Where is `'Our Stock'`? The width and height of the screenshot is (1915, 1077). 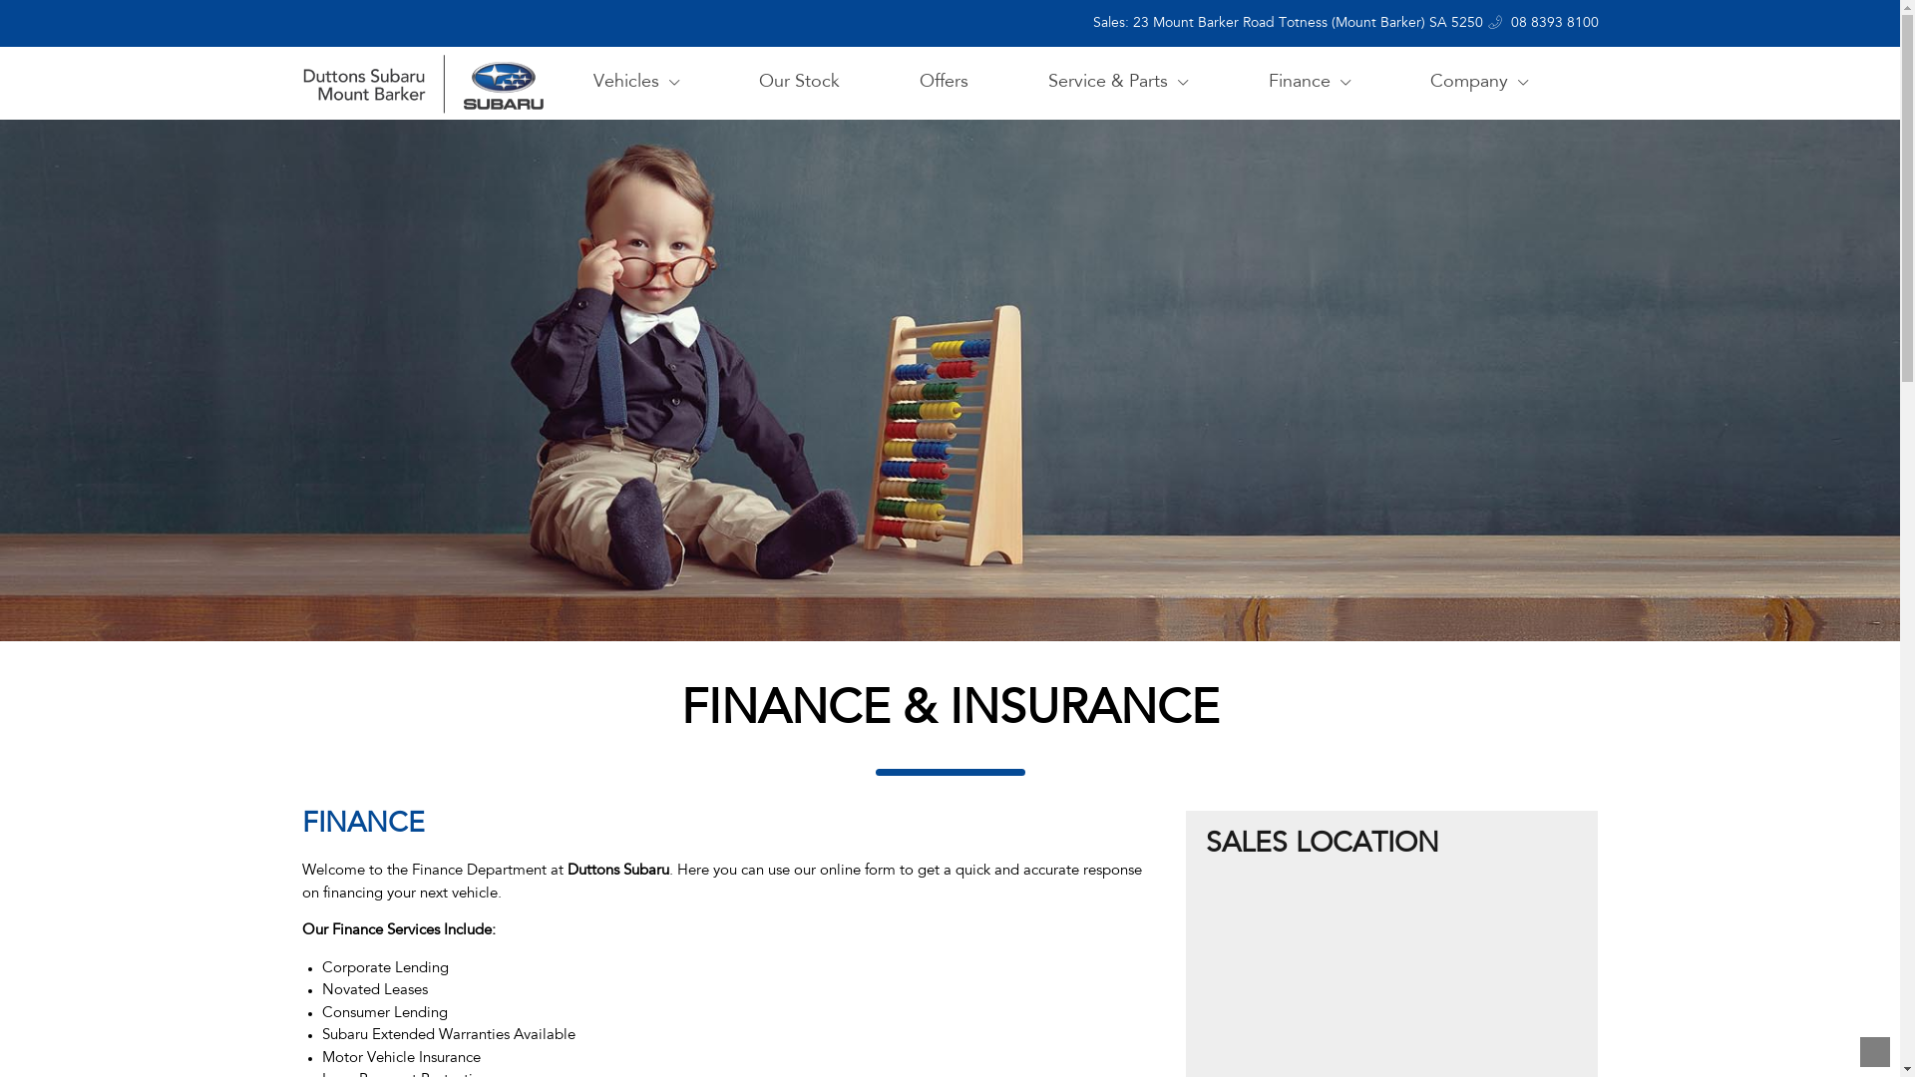 'Our Stock' is located at coordinates (747, 82).